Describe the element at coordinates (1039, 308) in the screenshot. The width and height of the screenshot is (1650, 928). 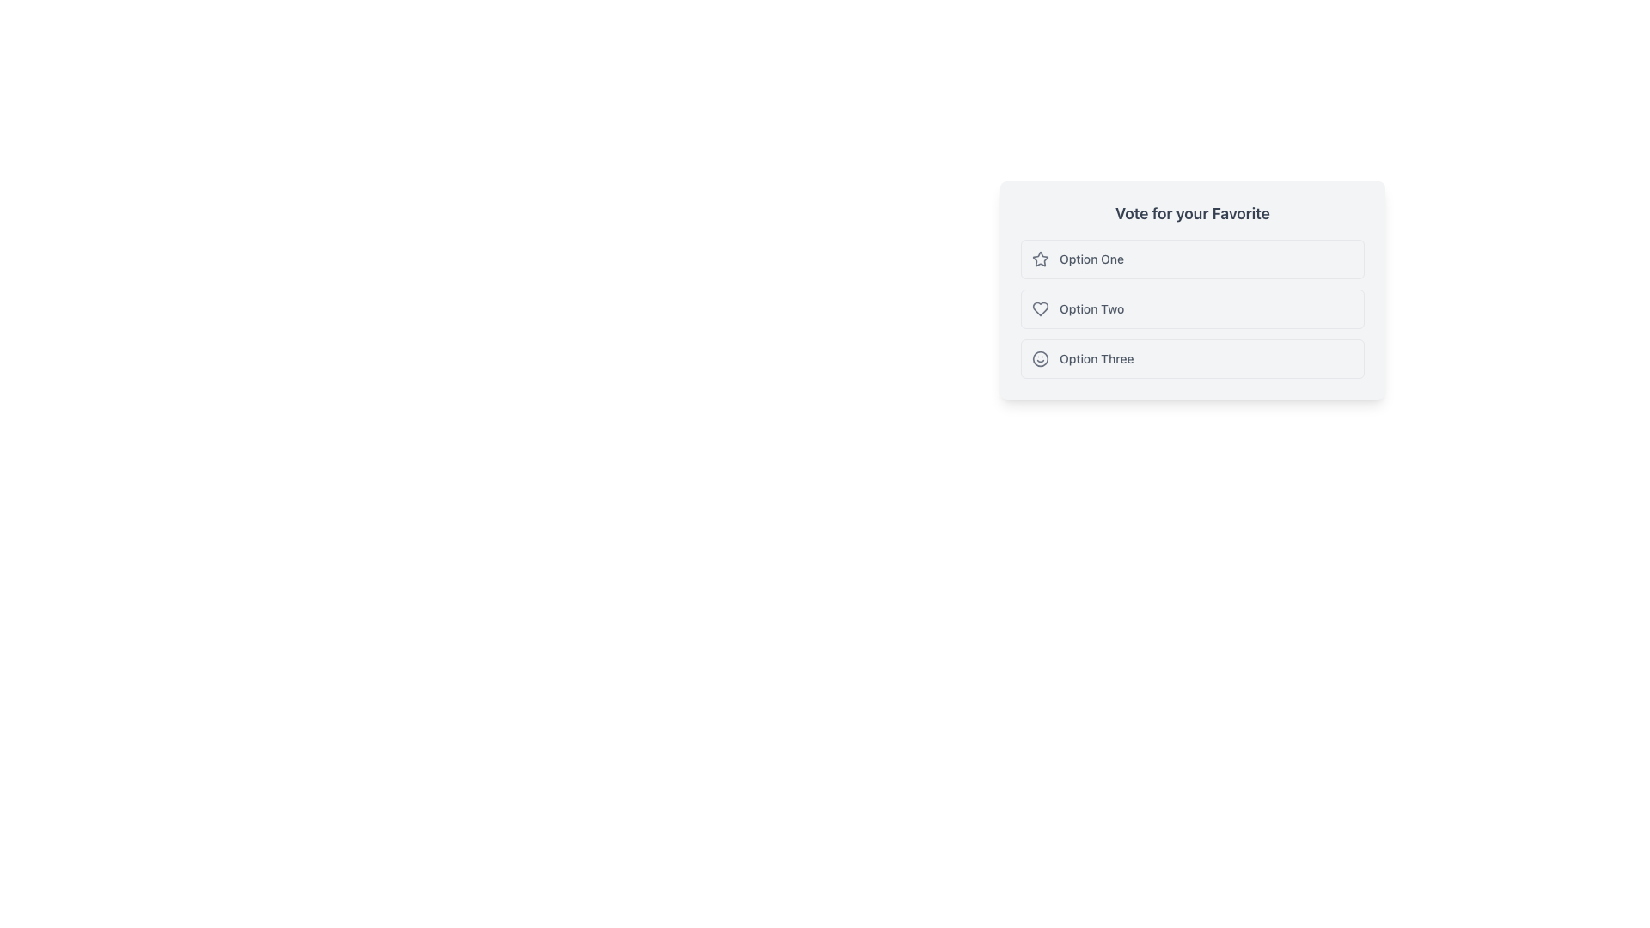
I see `the heart icon, which is a hollow outline style in gray, located to the left of the 'Option Two' text in the 'Vote for your Favorite' panel` at that location.